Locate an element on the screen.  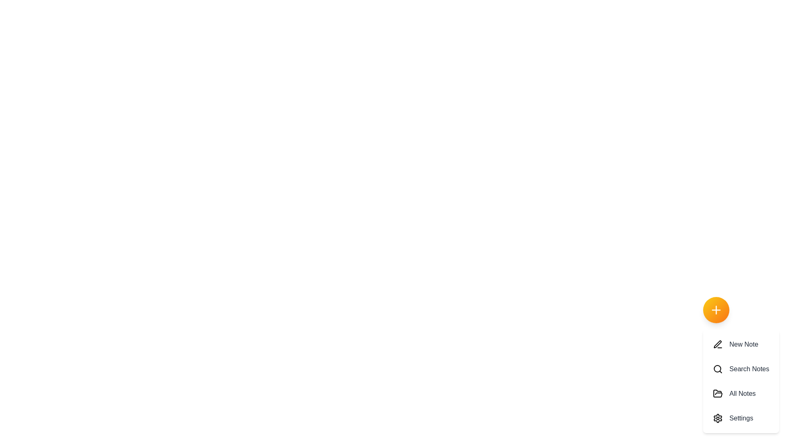
the 'Search Notes' option in the speed dial menu is located at coordinates (741, 368).